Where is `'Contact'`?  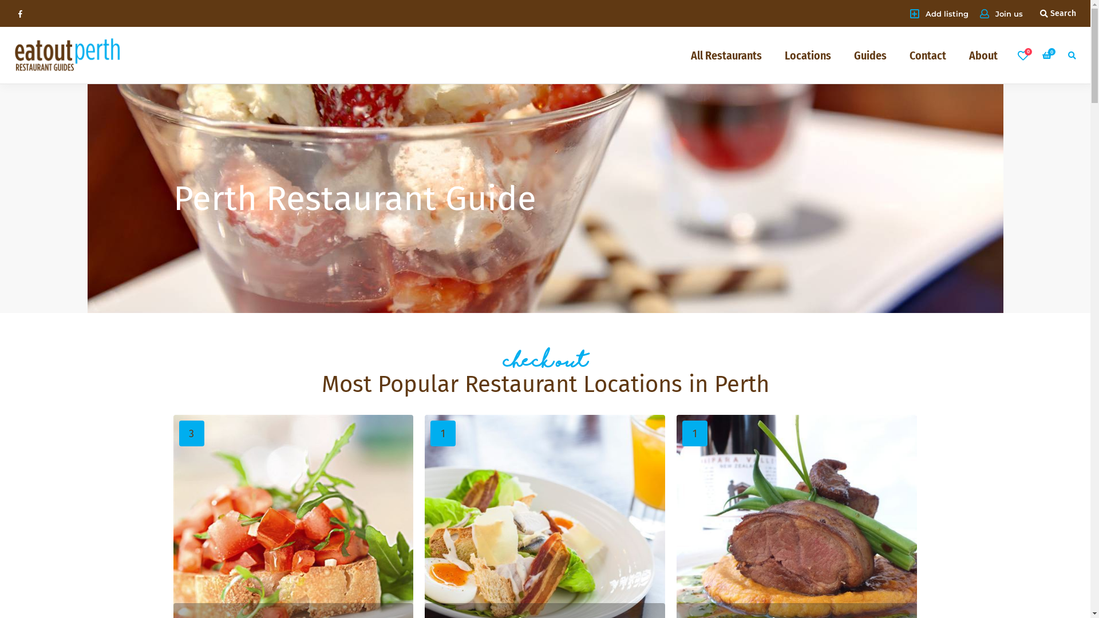 'Contact' is located at coordinates (928, 55).